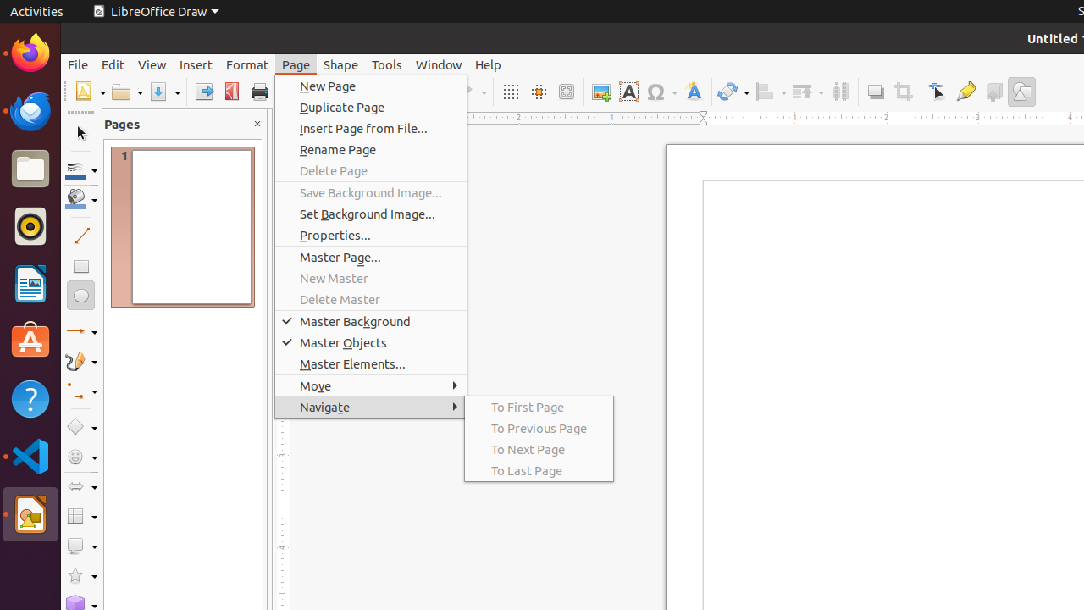 This screenshot has height=610, width=1084. Describe the element at coordinates (258, 91) in the screenshot. I see `'Print'` at that location.